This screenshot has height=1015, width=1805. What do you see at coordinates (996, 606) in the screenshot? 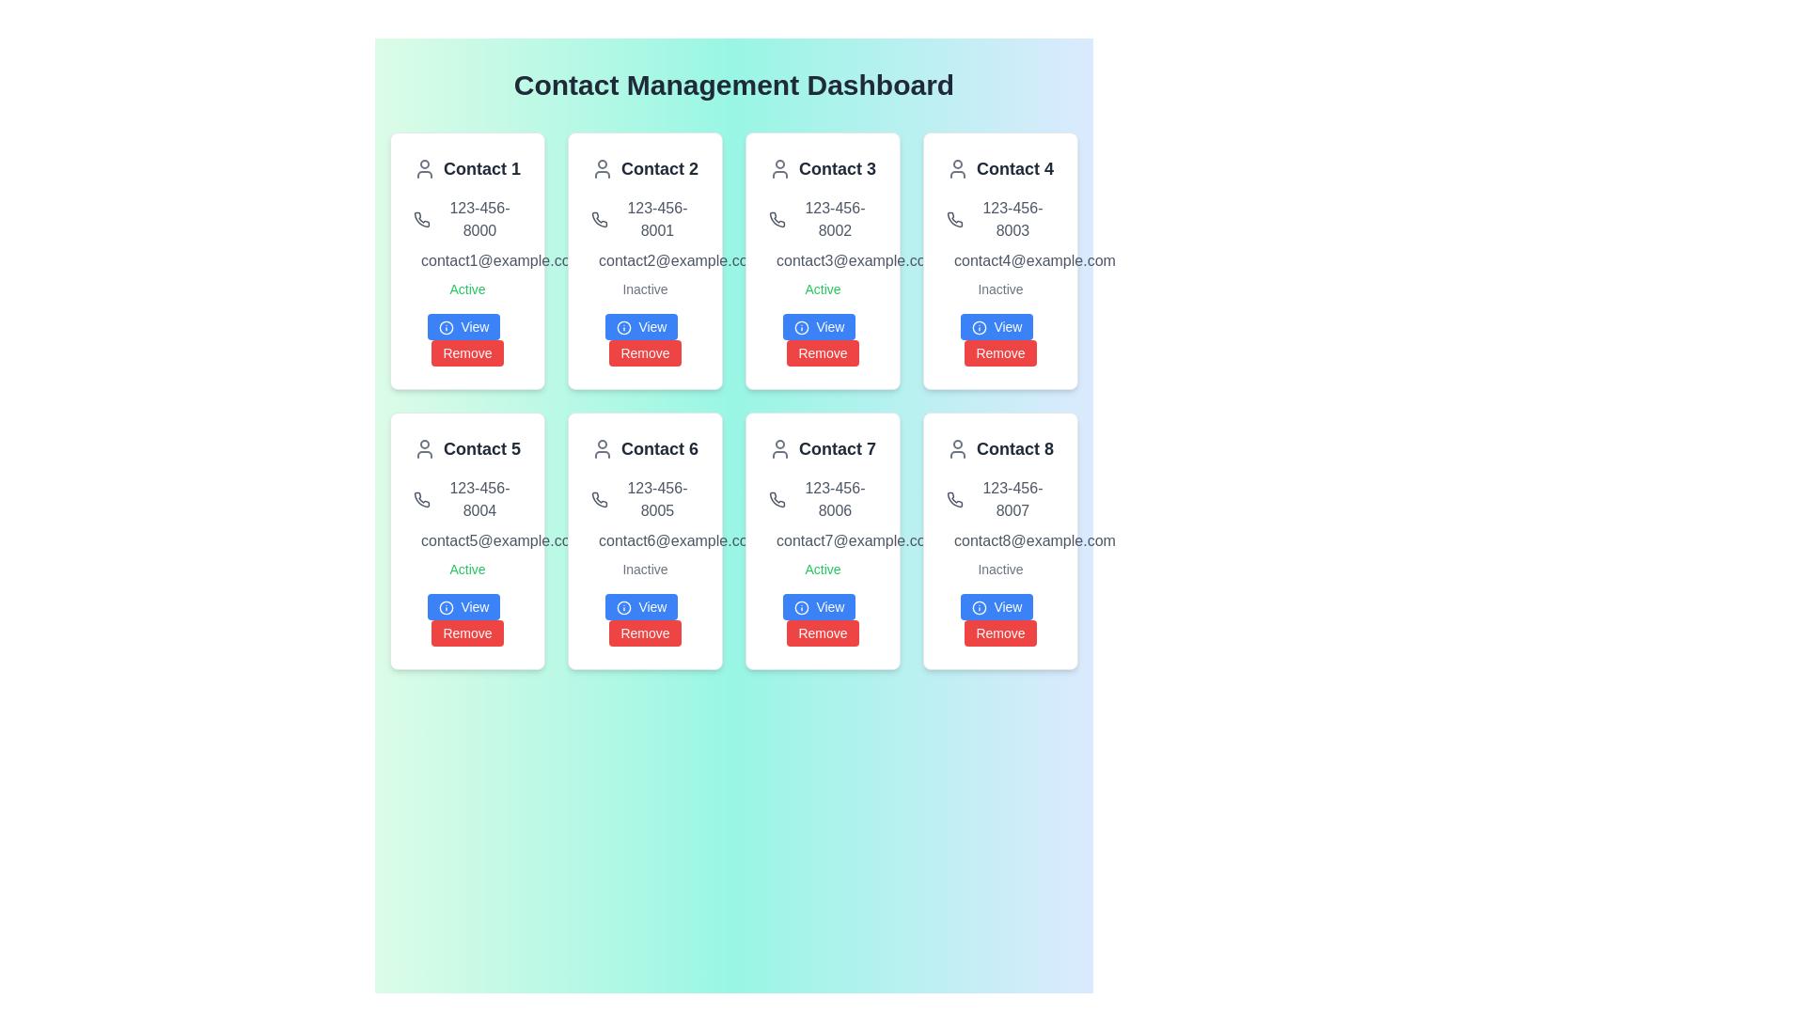
I see `the primary action button located in the Contact 8 card in the bottom-right corner of the contact grid` at bounding box center [996, 606].